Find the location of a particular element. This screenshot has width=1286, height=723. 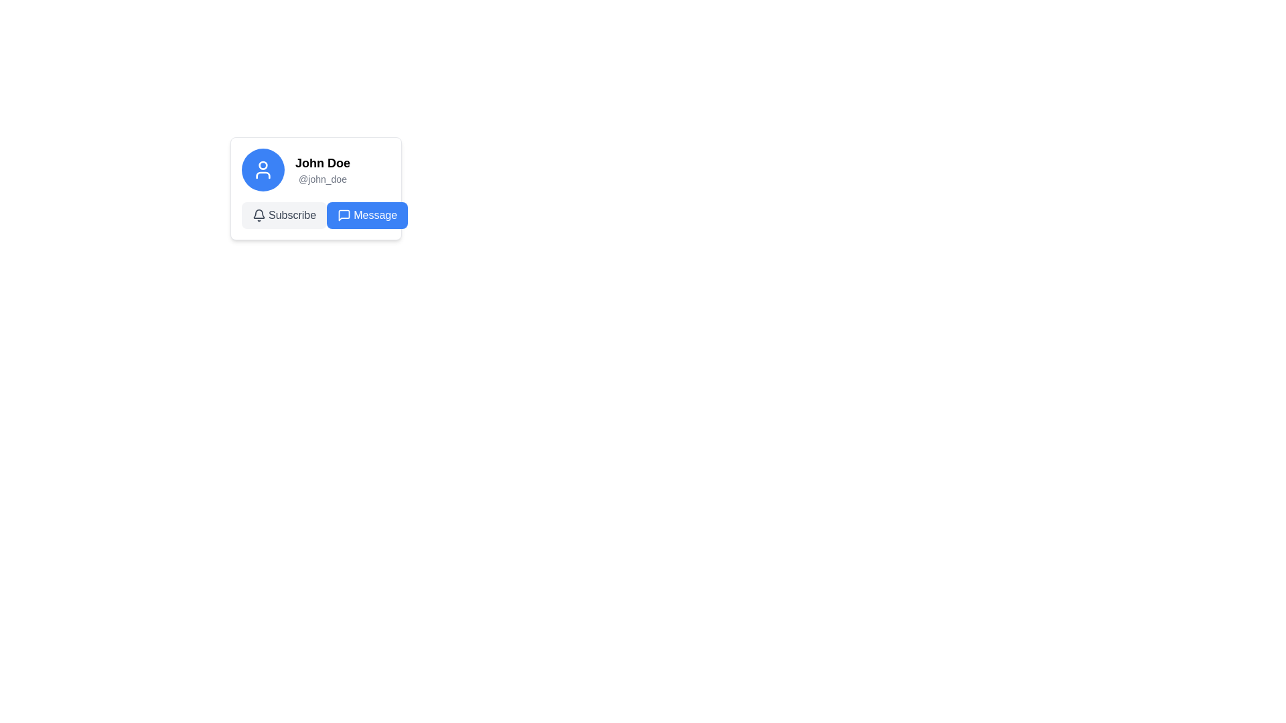

the 'Message' text label, which is styled in bold white font on a blue button-like background, to trigger a tooltip or highlight effect is located at coordinates (375, 214).